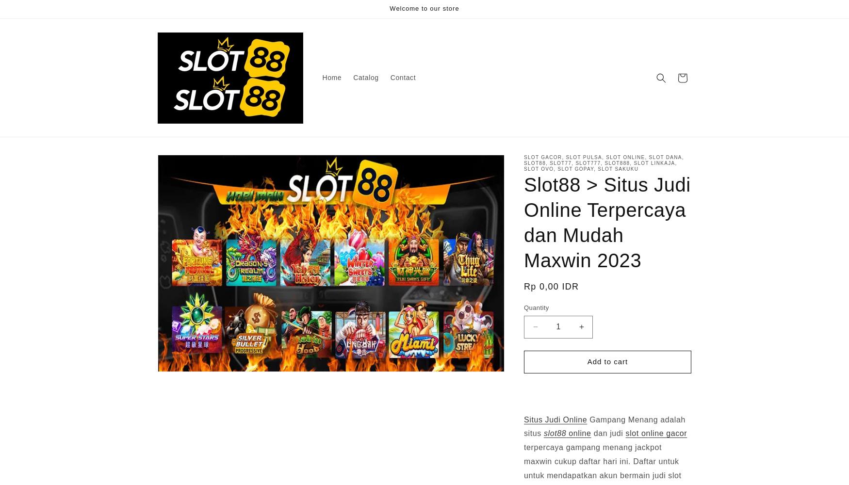  What do you see at coordinates (523, 162) in the screenshot?
I see `'slot gacor, slot pulsa, slot online, slot dana, slot88, slot77, slot777, slot888, slot linkaja, slot ovo, slot gopay, slot sakuku'` at bounding box center [523, 162].